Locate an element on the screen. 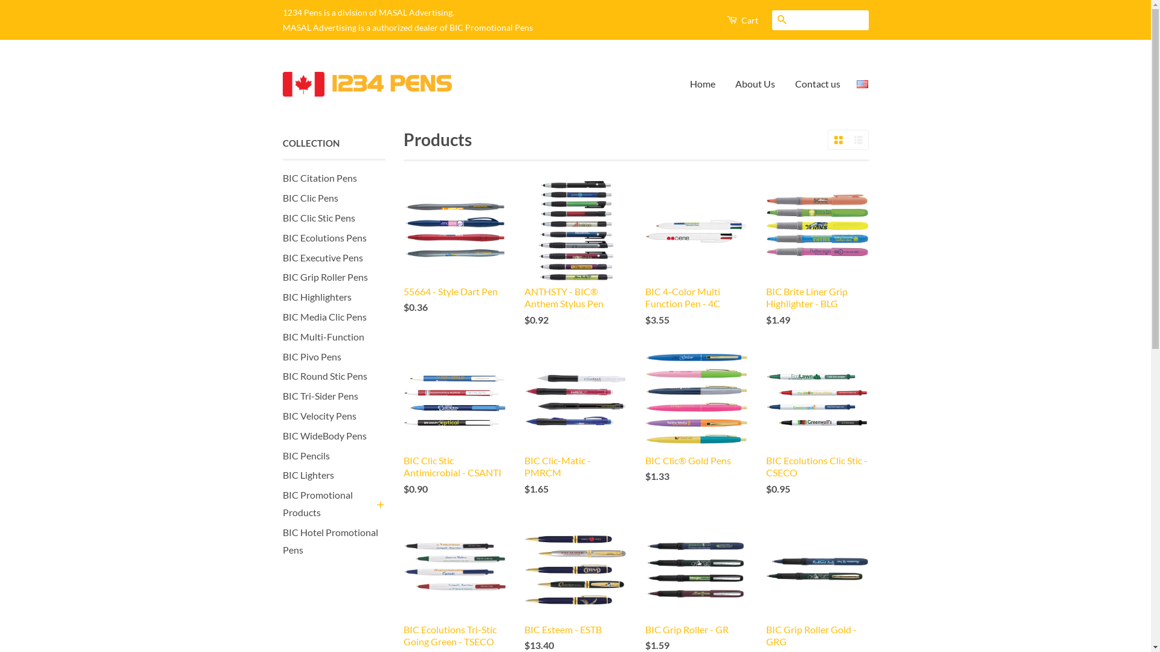 This screenshot has width=1160, height=652. 'Home' is located at coordinates (690, 83).